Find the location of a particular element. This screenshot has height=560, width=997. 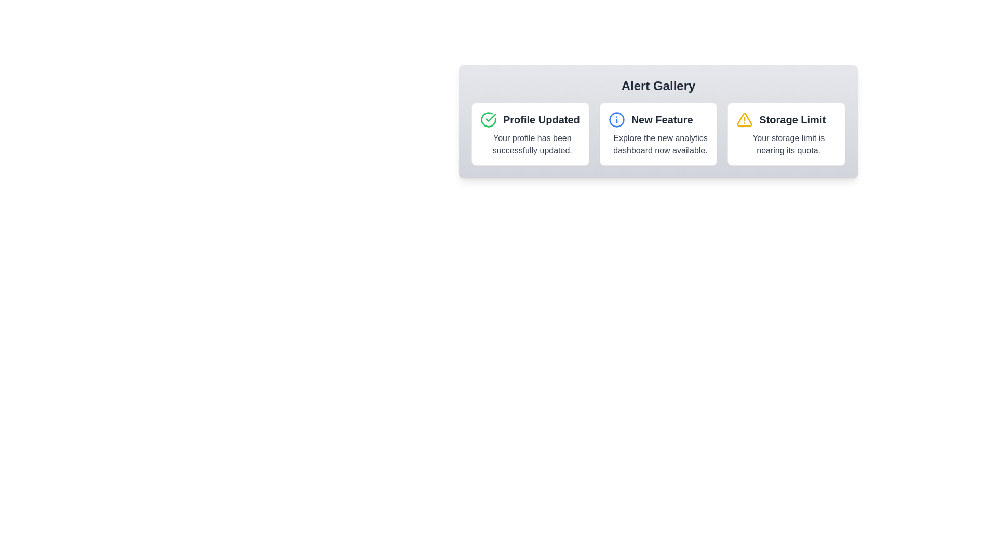

the title label of the storage alert card, which is located in the rightmost alert card of a horizontal gallery of alert notifications is located at coordinates (786, 119).